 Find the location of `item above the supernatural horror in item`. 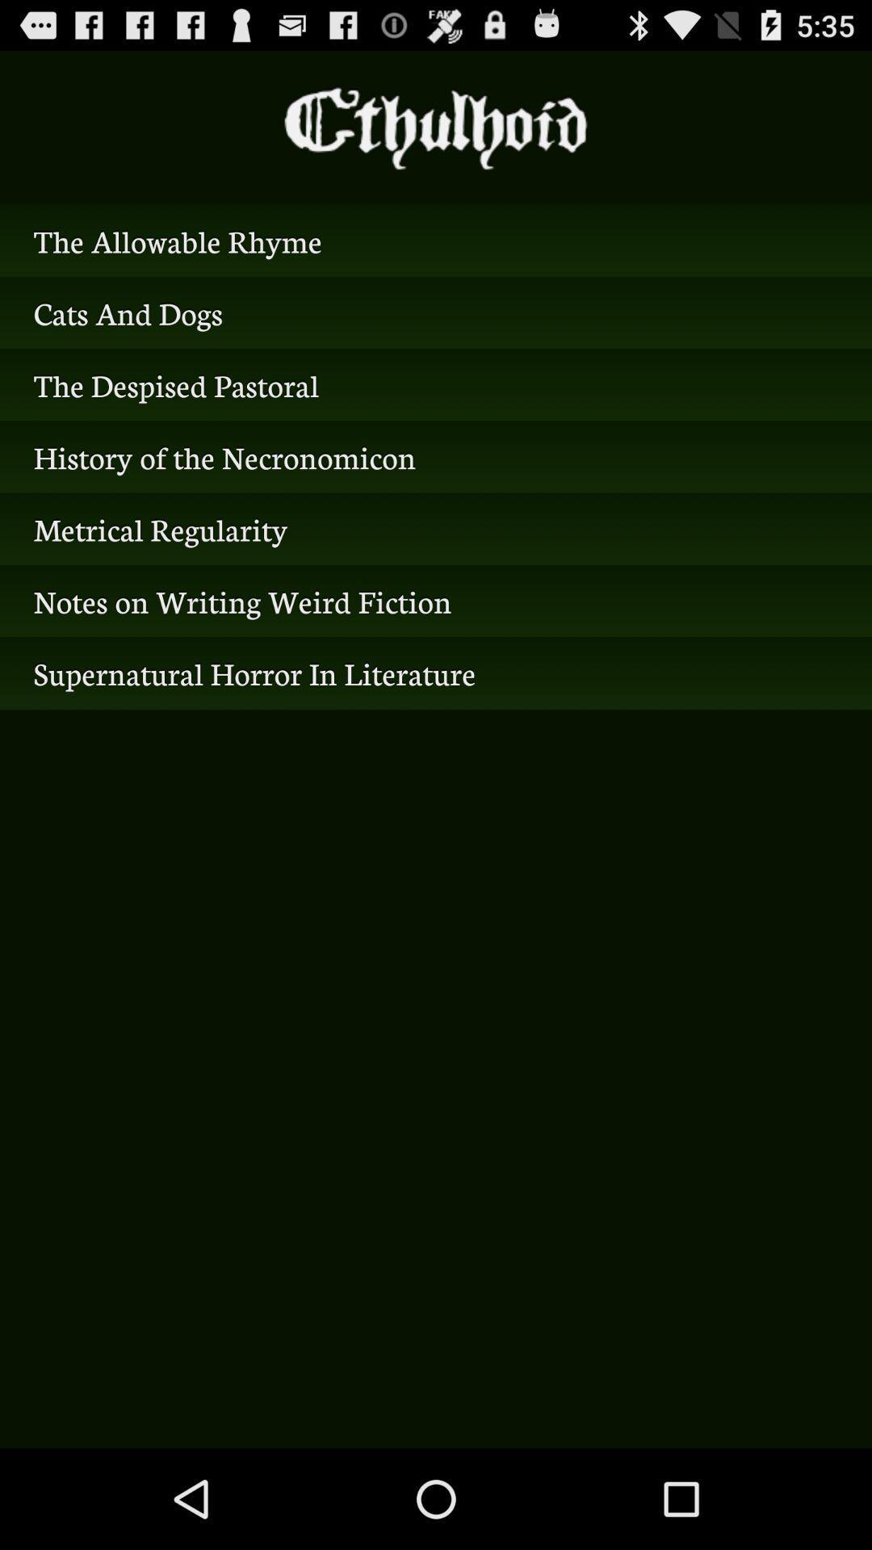

item above the supernatural horror in item is located at coordinates (436, 600).